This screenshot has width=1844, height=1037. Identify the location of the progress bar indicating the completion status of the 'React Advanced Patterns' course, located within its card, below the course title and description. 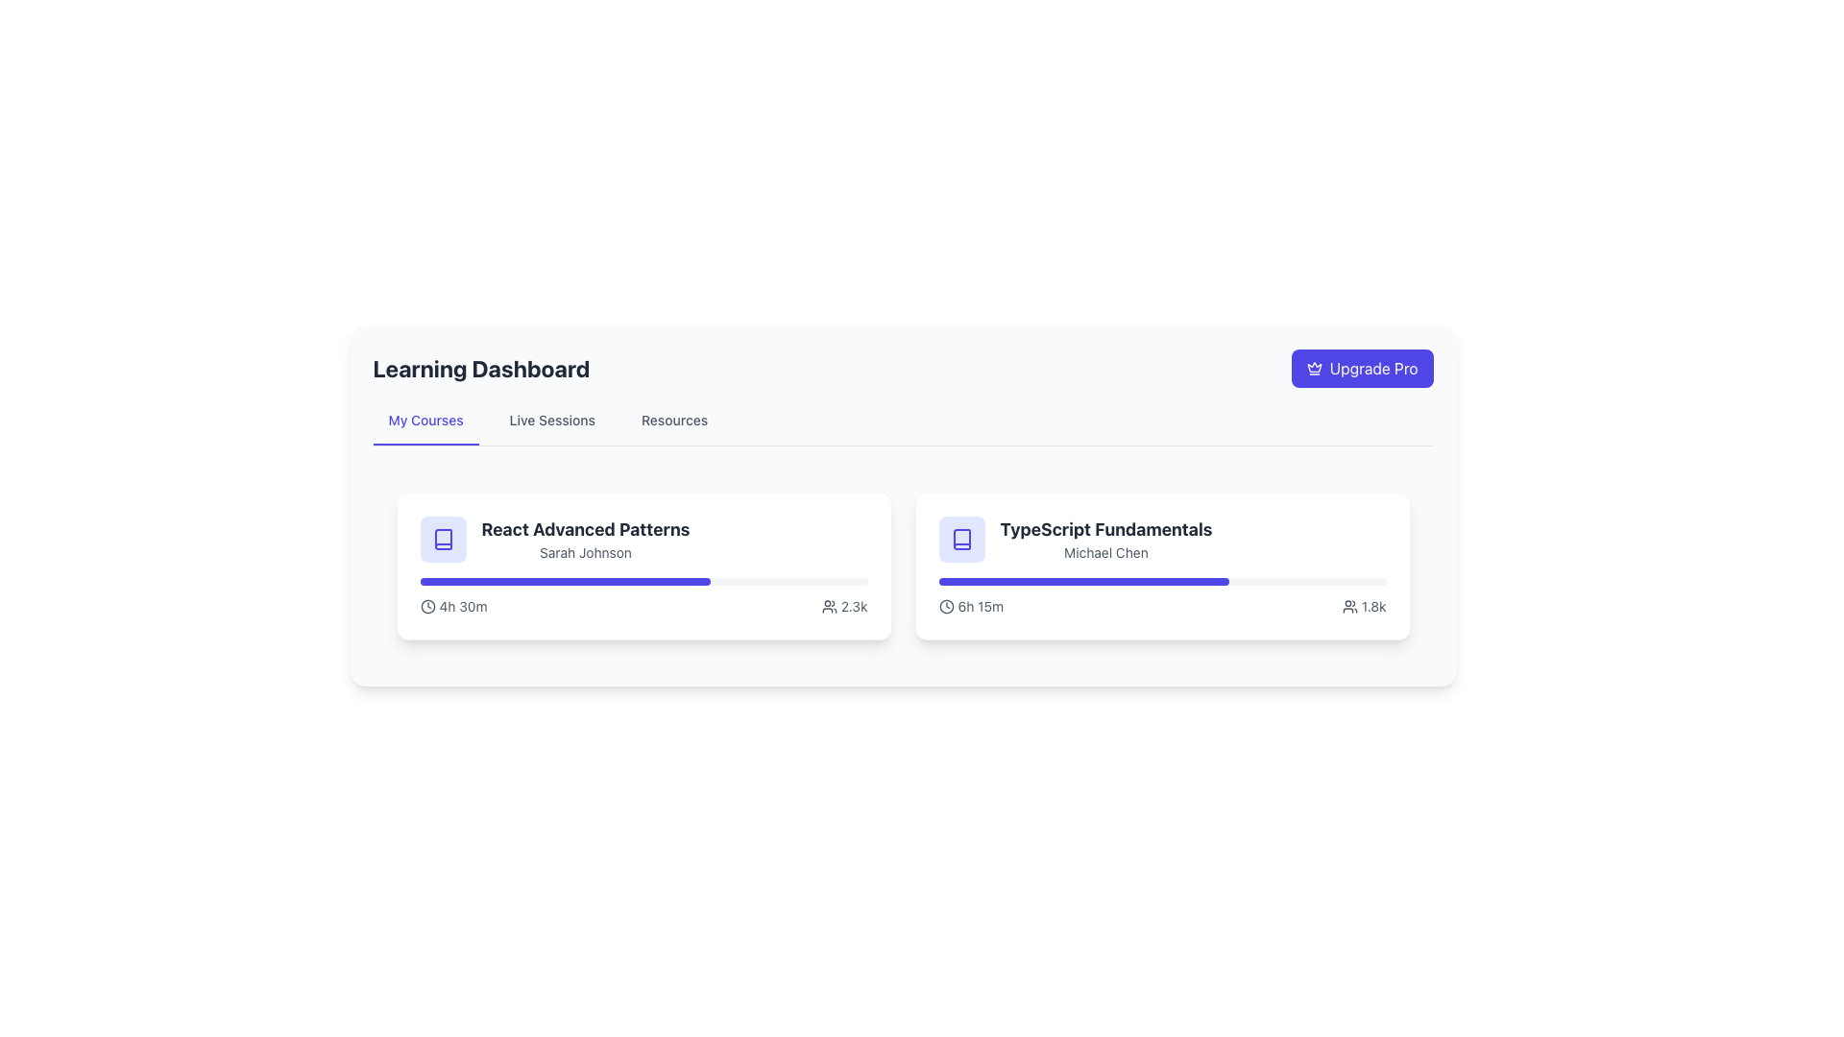
(564, 580).